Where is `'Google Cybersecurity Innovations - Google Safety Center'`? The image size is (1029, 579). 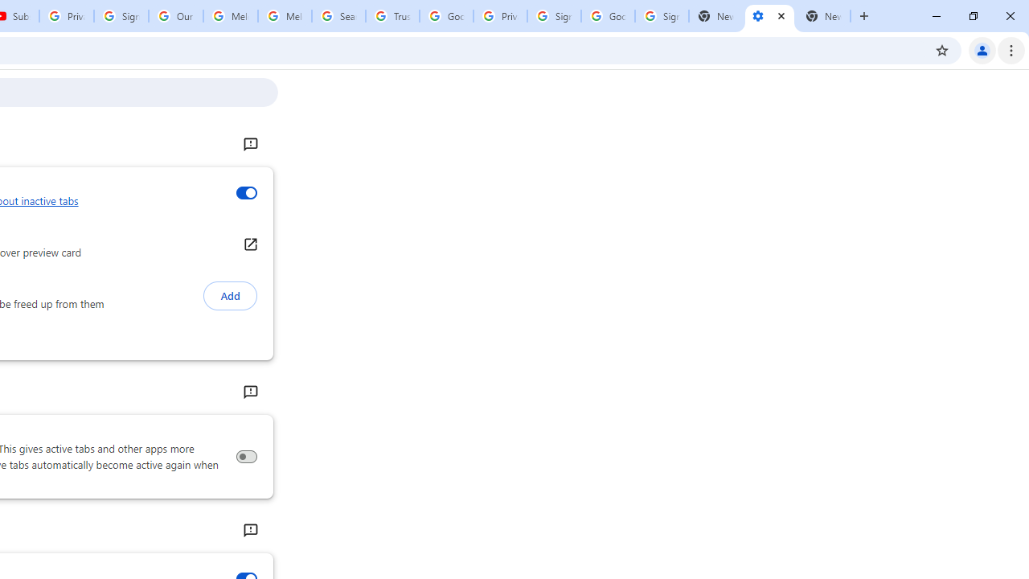 'Google Cybersecurity Innovations - Google Safety Center' is located at coordinates (607, 16).